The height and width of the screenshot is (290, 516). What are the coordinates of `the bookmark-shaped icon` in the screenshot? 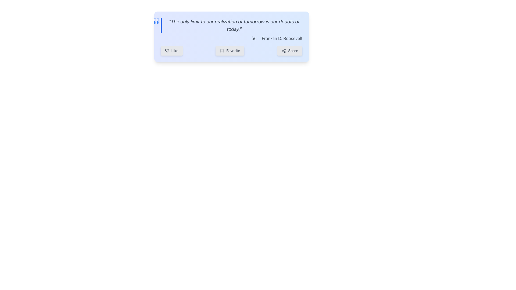 It's located at (222, 51).